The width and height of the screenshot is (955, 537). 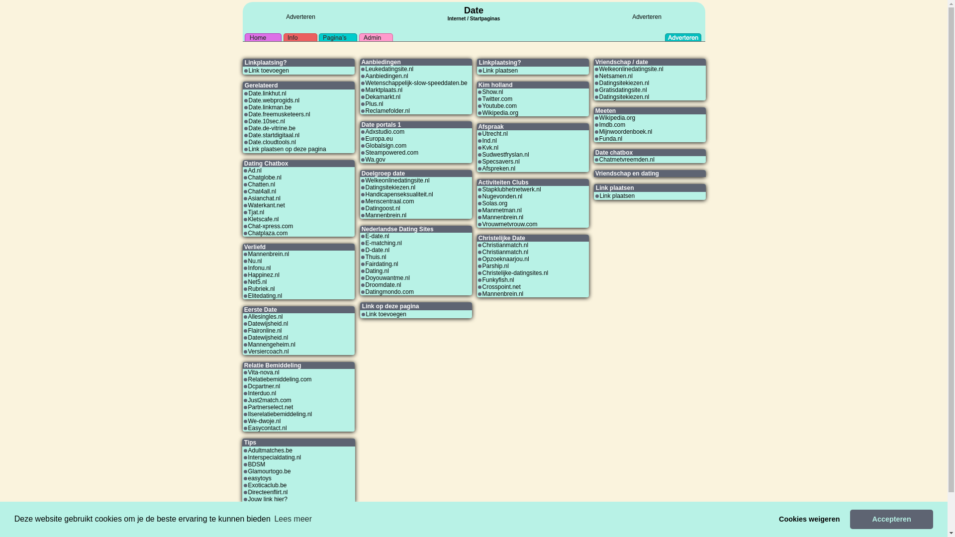 I want to click on 'Tjat.nl', so click(x=256, y=212).